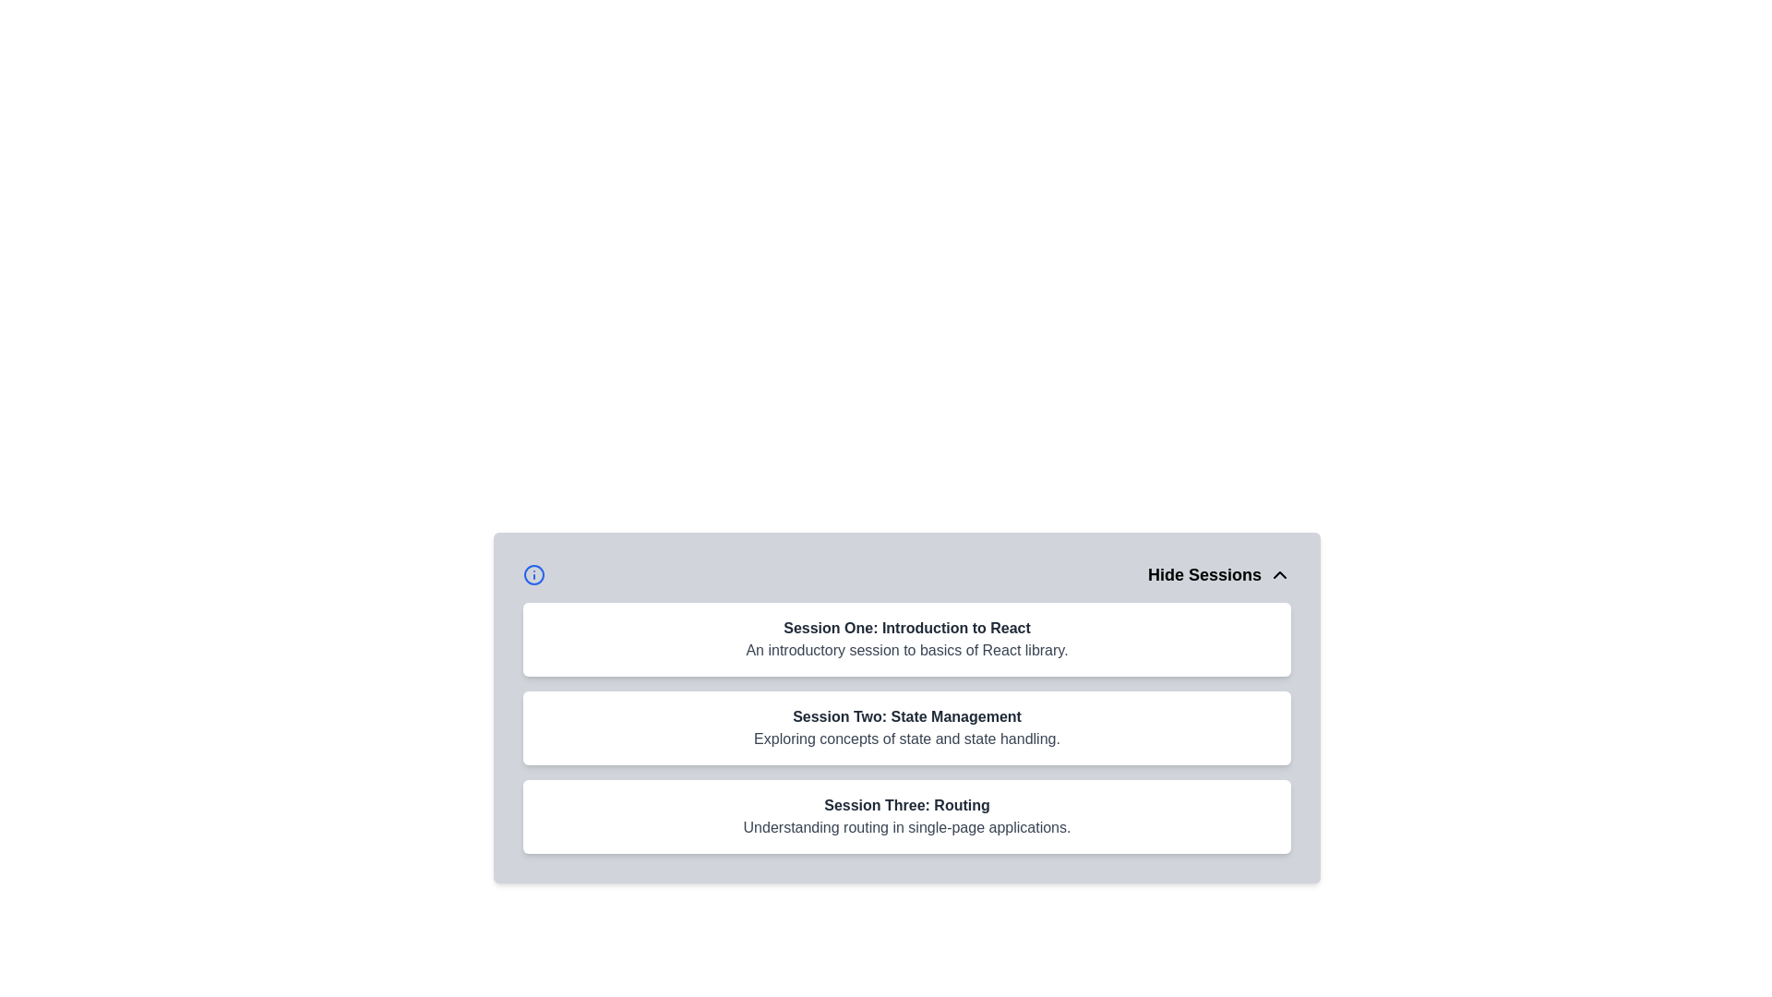 This screenshot has height=997, width=1772. What do you see at coordinates (907, 739) in the screenshot?
I see `static text element displaying 'Exploring concepts of state and state handling.' located beneath the bold heading 'Session Two: State Management.'` at bounding box center [907, 739].